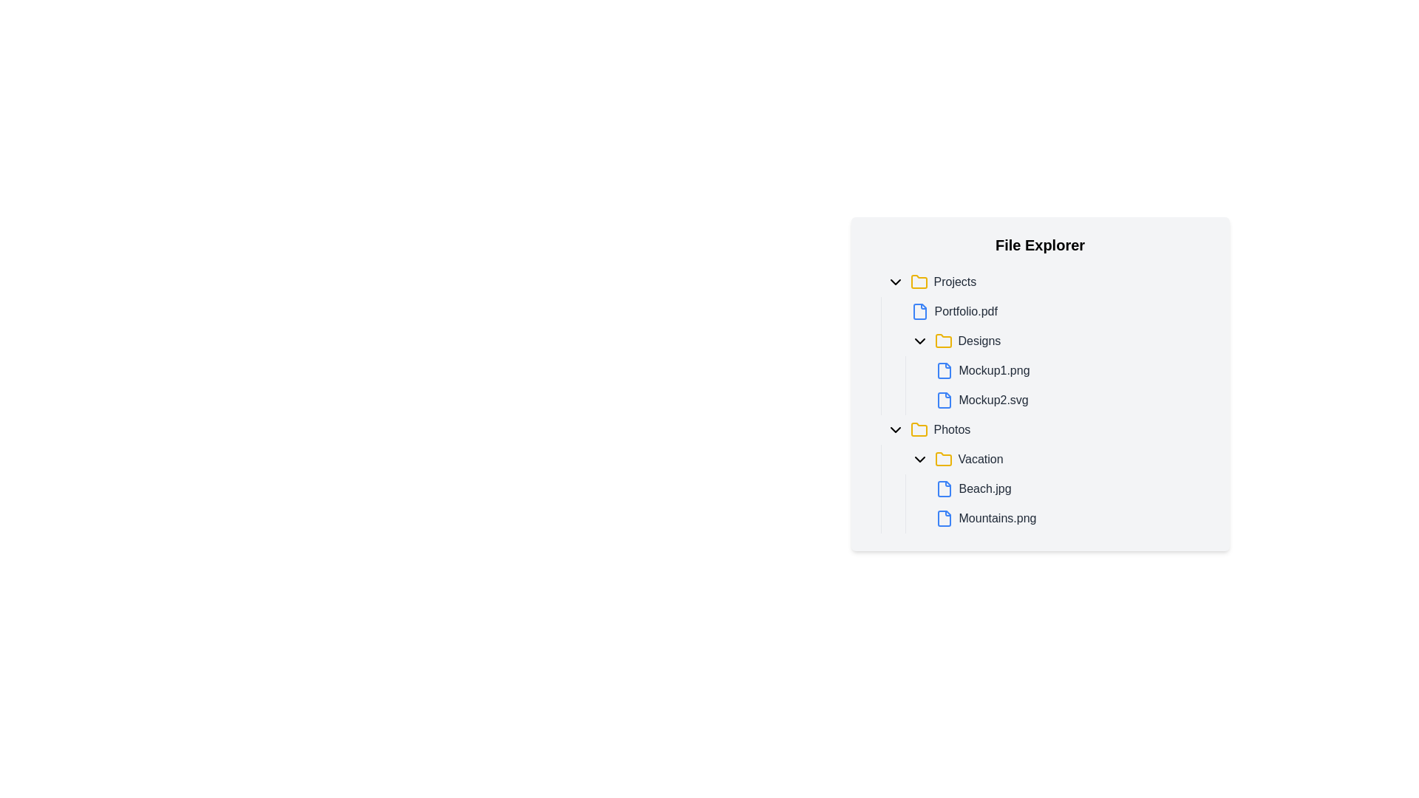  What do you see at coordinates (1045, 282) in the screenshot?
I see `the 'Projects' folder item at the top of the hierarchical list` at bounding box center [1045, 282].